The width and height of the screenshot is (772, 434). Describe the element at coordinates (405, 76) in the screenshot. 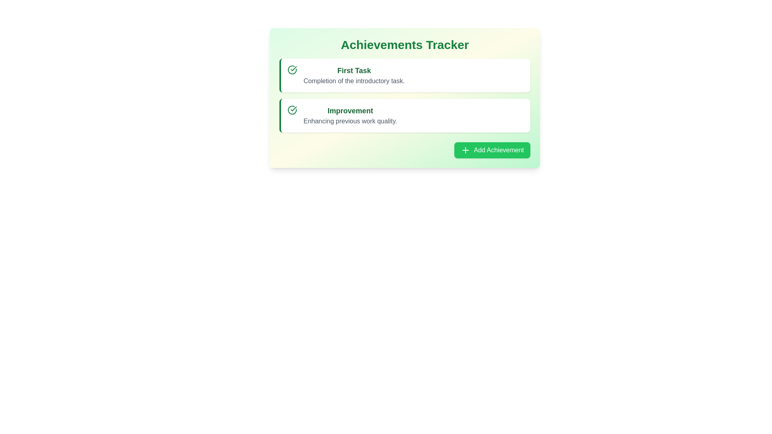

I see `the first card-style informational pane that indicates the completion of an introductory task, which is positioned above the 'Improvement' card in the Achievements Tracker list` at that location.